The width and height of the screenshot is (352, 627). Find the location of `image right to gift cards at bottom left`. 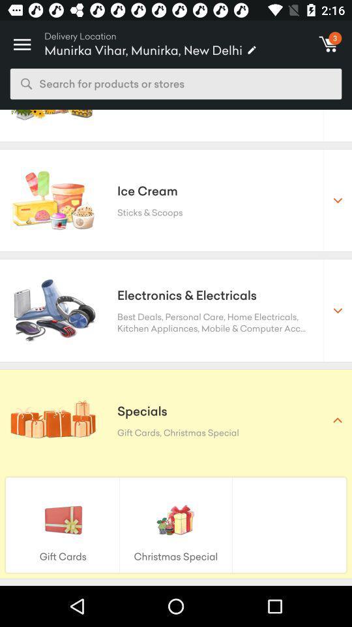

image right to gift cards at bottom left is located at coordinates (176, 519).